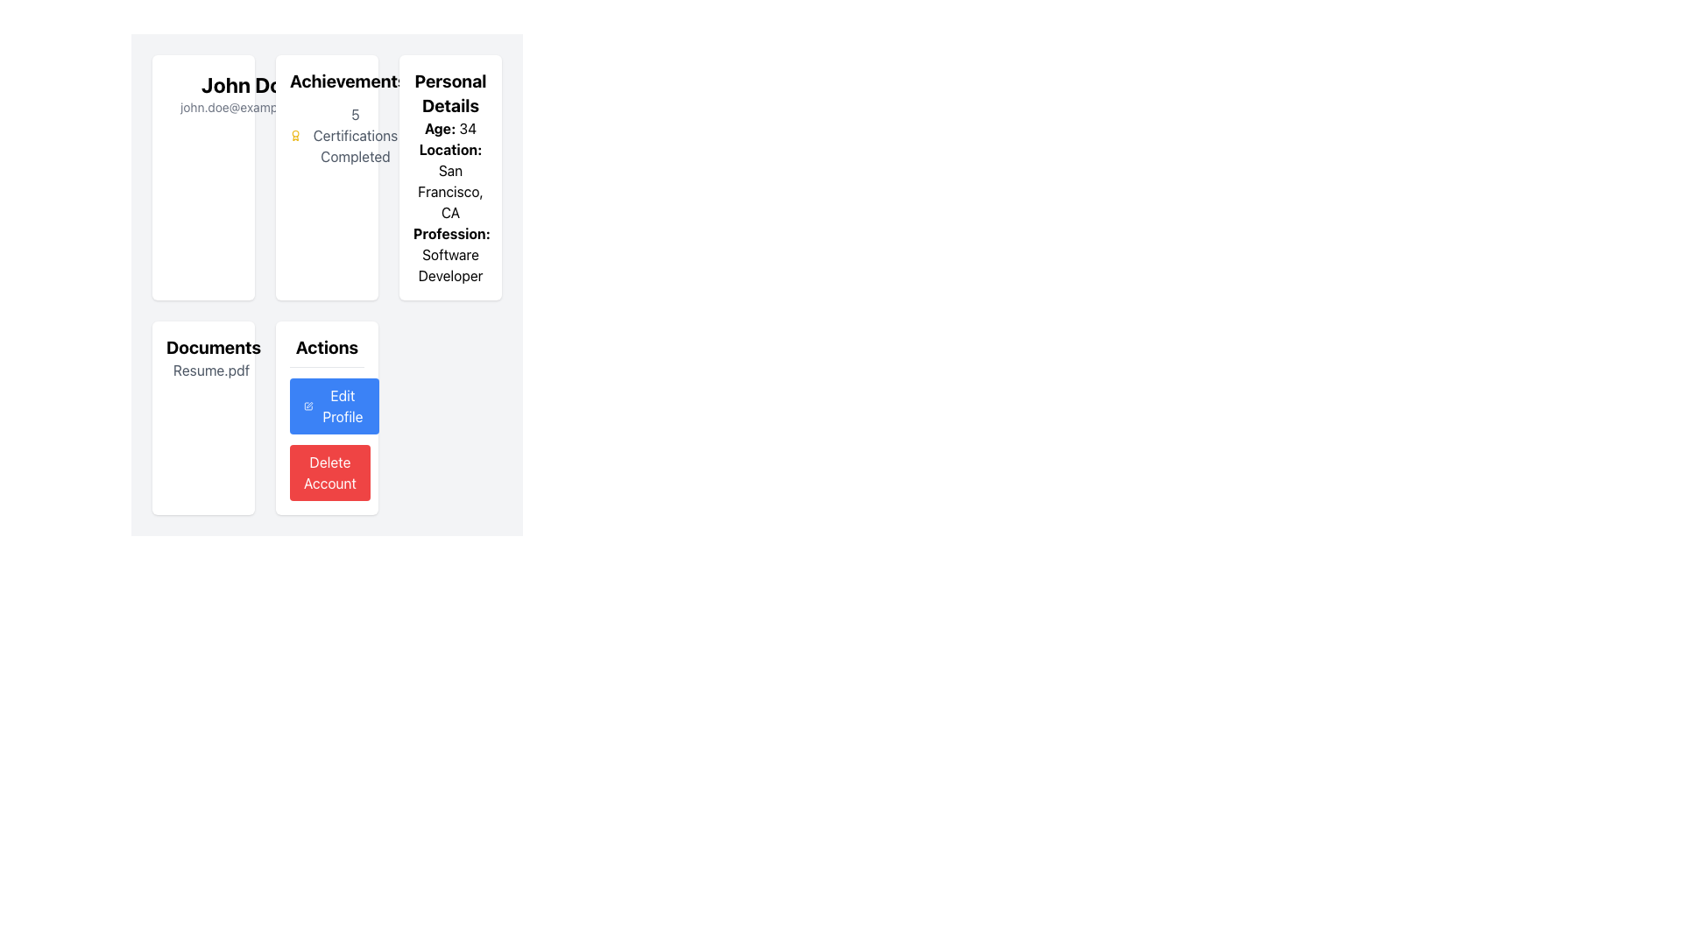 This screenshot has width=1682, height=946. I want to click on text content of the user identity display located in the top left cell of the layout, which shows the user's name and email, so click(247, 94).